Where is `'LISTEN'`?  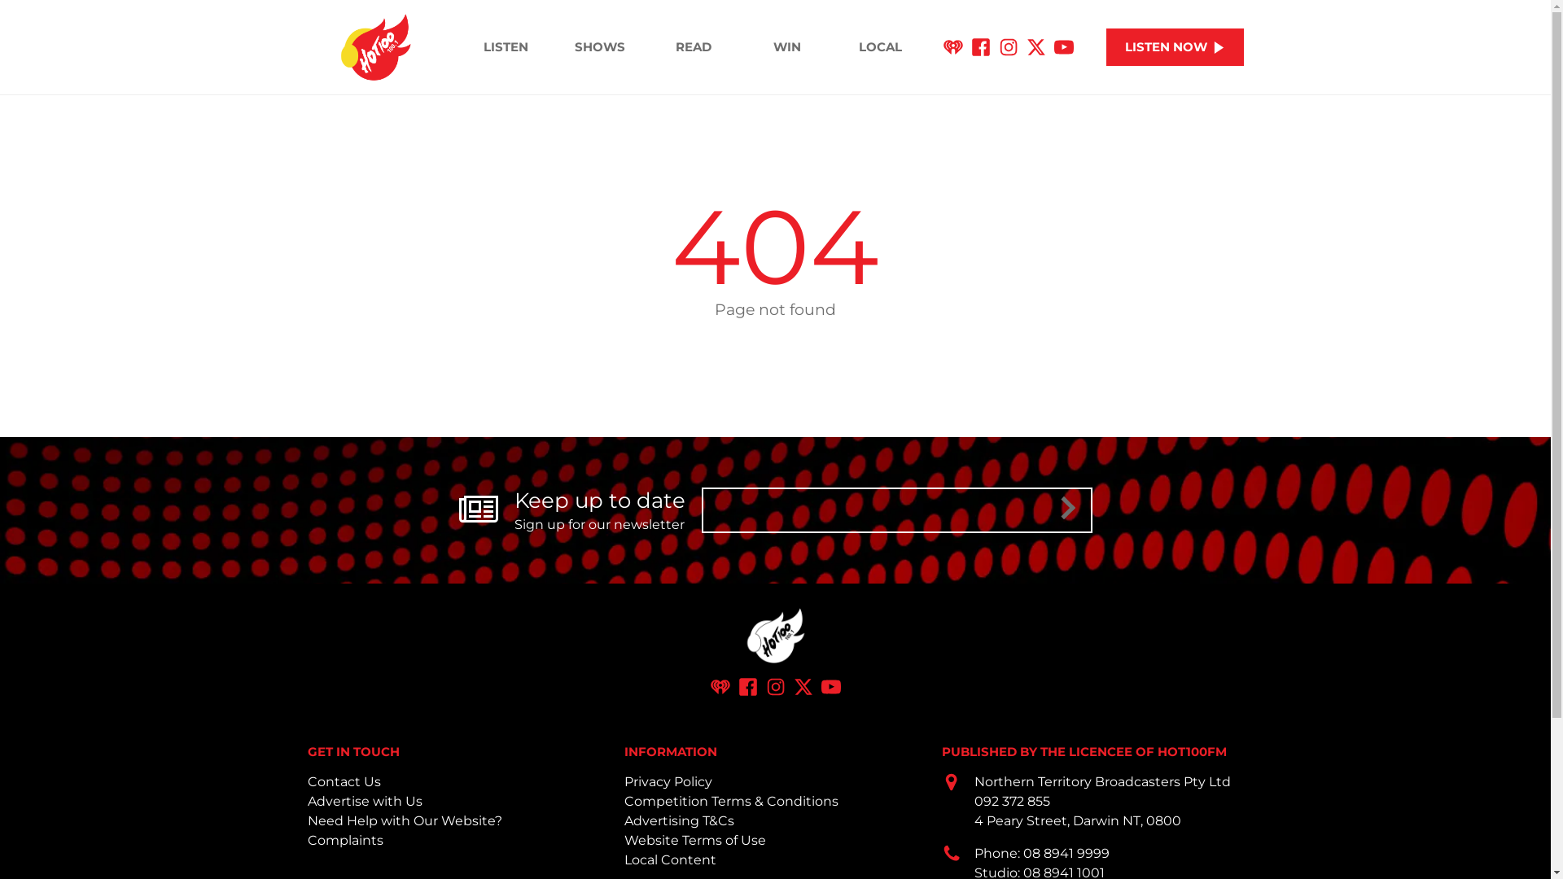 'LISTEN' is located at coordinates (458, 46).